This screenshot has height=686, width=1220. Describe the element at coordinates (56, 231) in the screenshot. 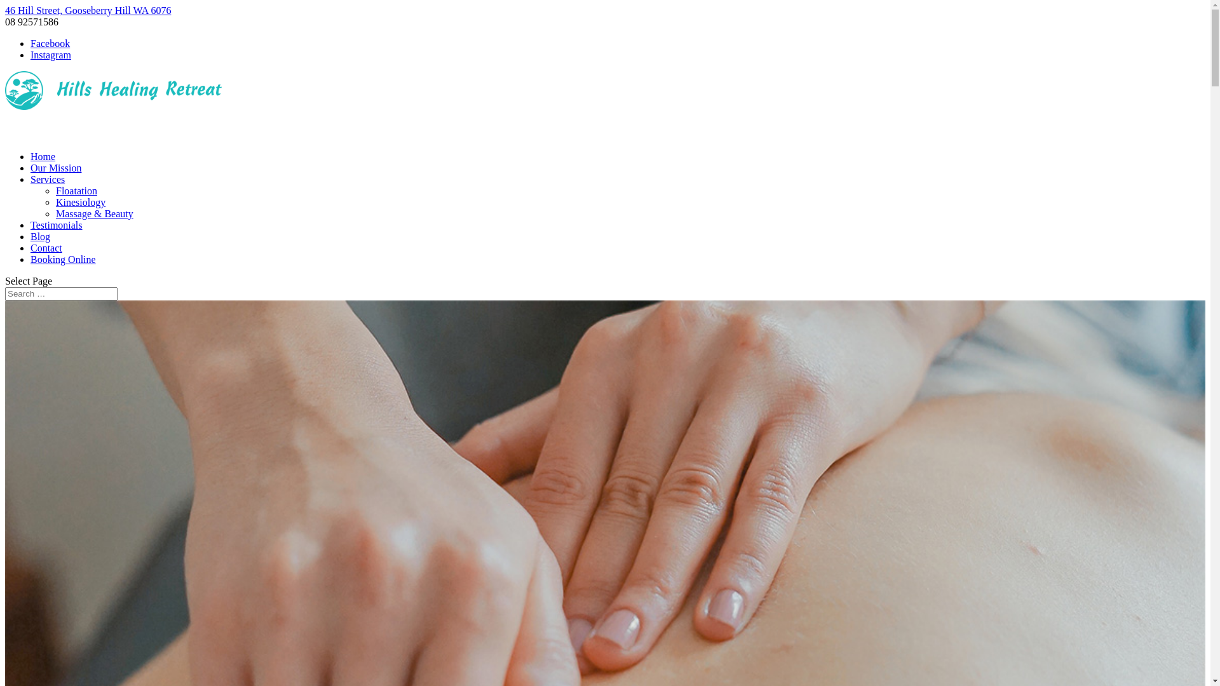

I see `'Testimonials'` at that location.